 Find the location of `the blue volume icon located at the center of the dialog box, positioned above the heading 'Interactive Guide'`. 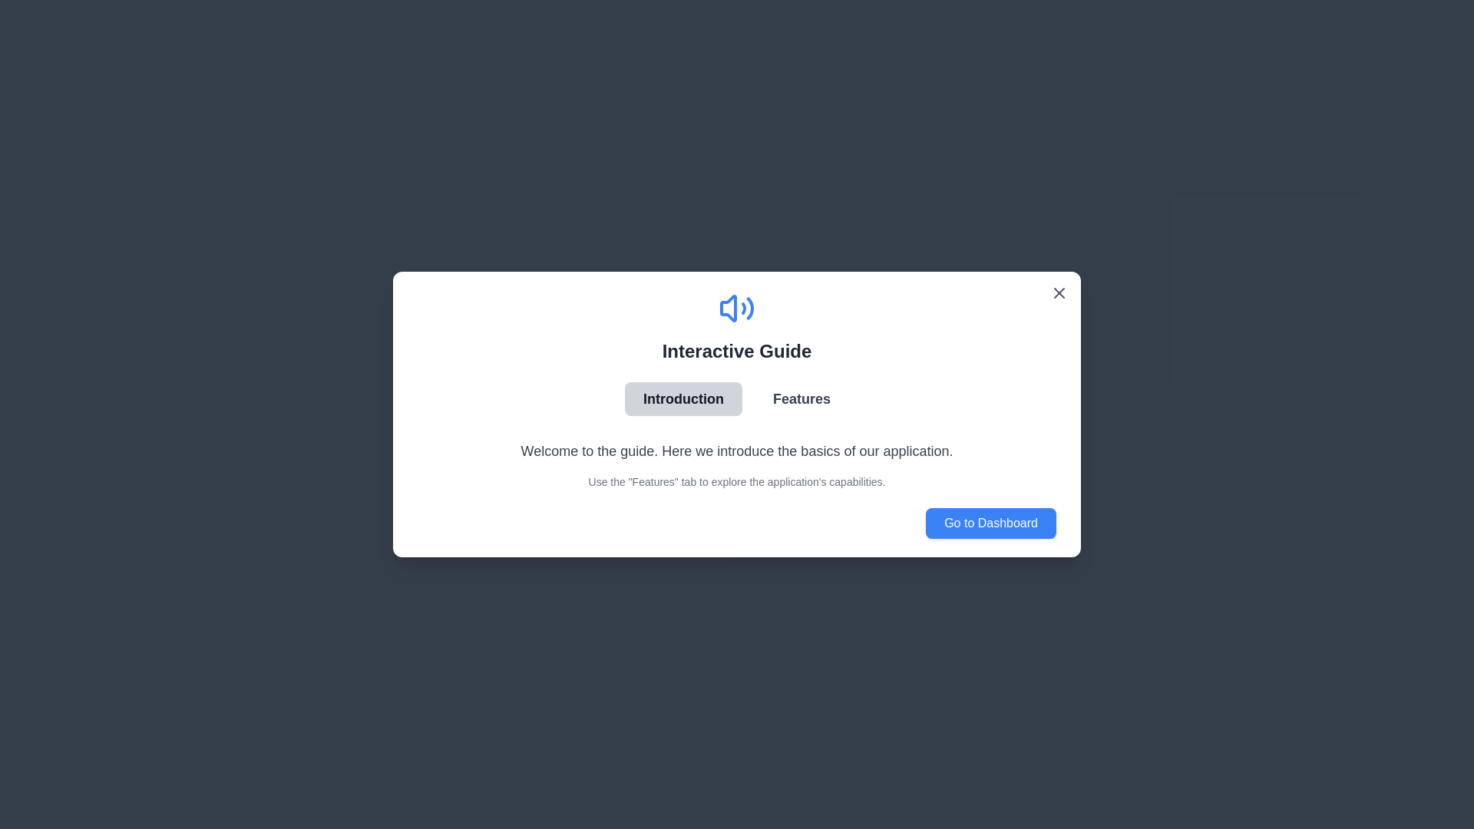

the blue volume icon located at the center of the dialog box, positioned above the heading 'Interactive Guide' is located at coordinates (737, 308).